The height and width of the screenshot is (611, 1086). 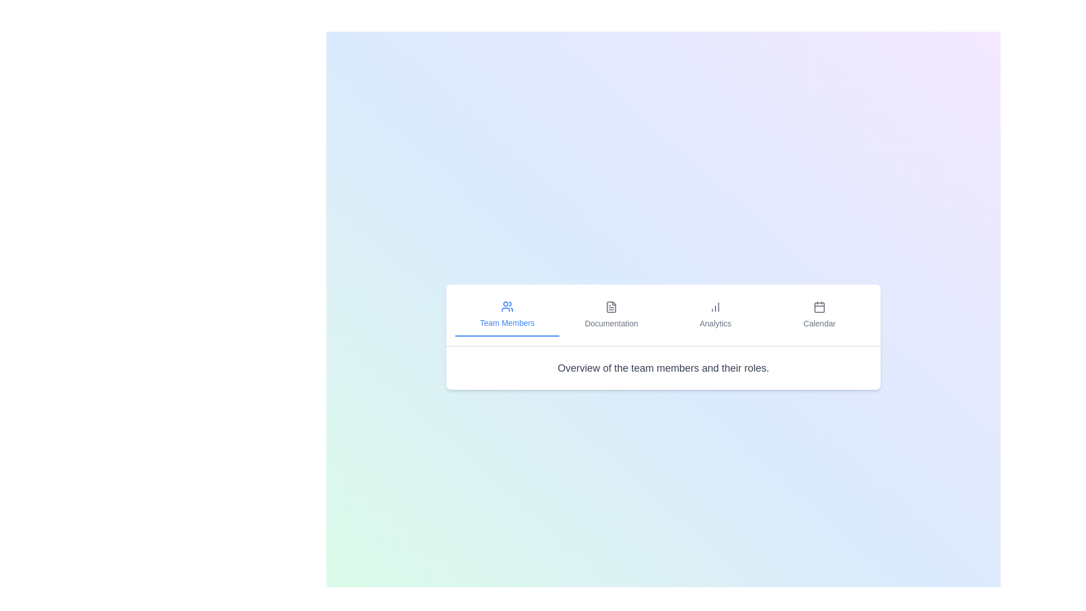 I want to click on the Team Members tab to view its tooltip, so click(x=507, y=315).